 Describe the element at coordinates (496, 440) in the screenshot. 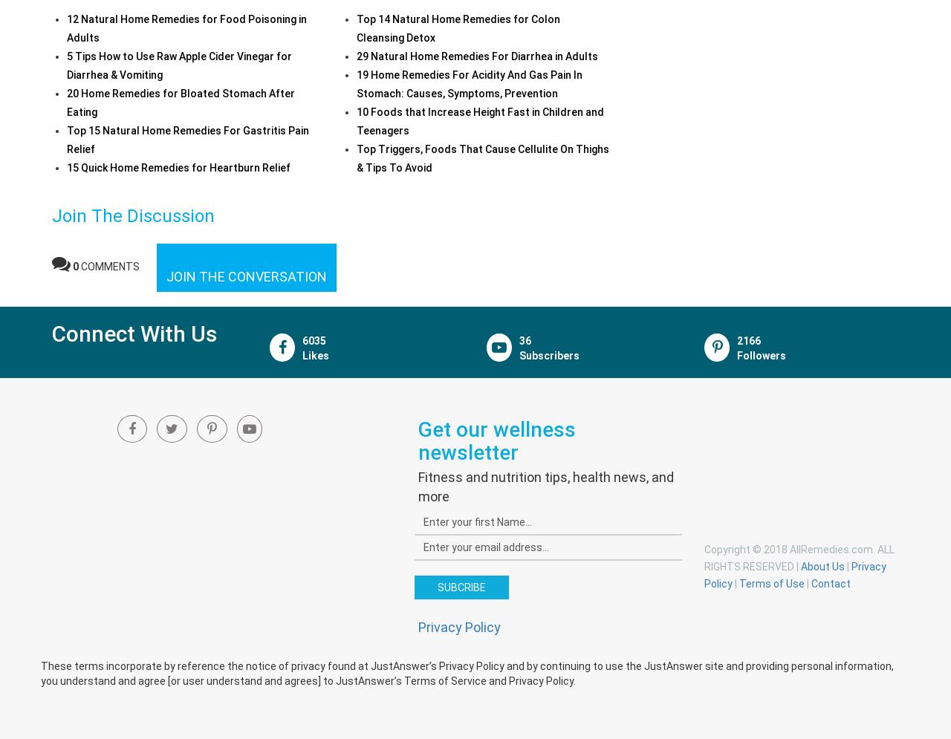

I see `'Get our wellness newsletter'` at that location.